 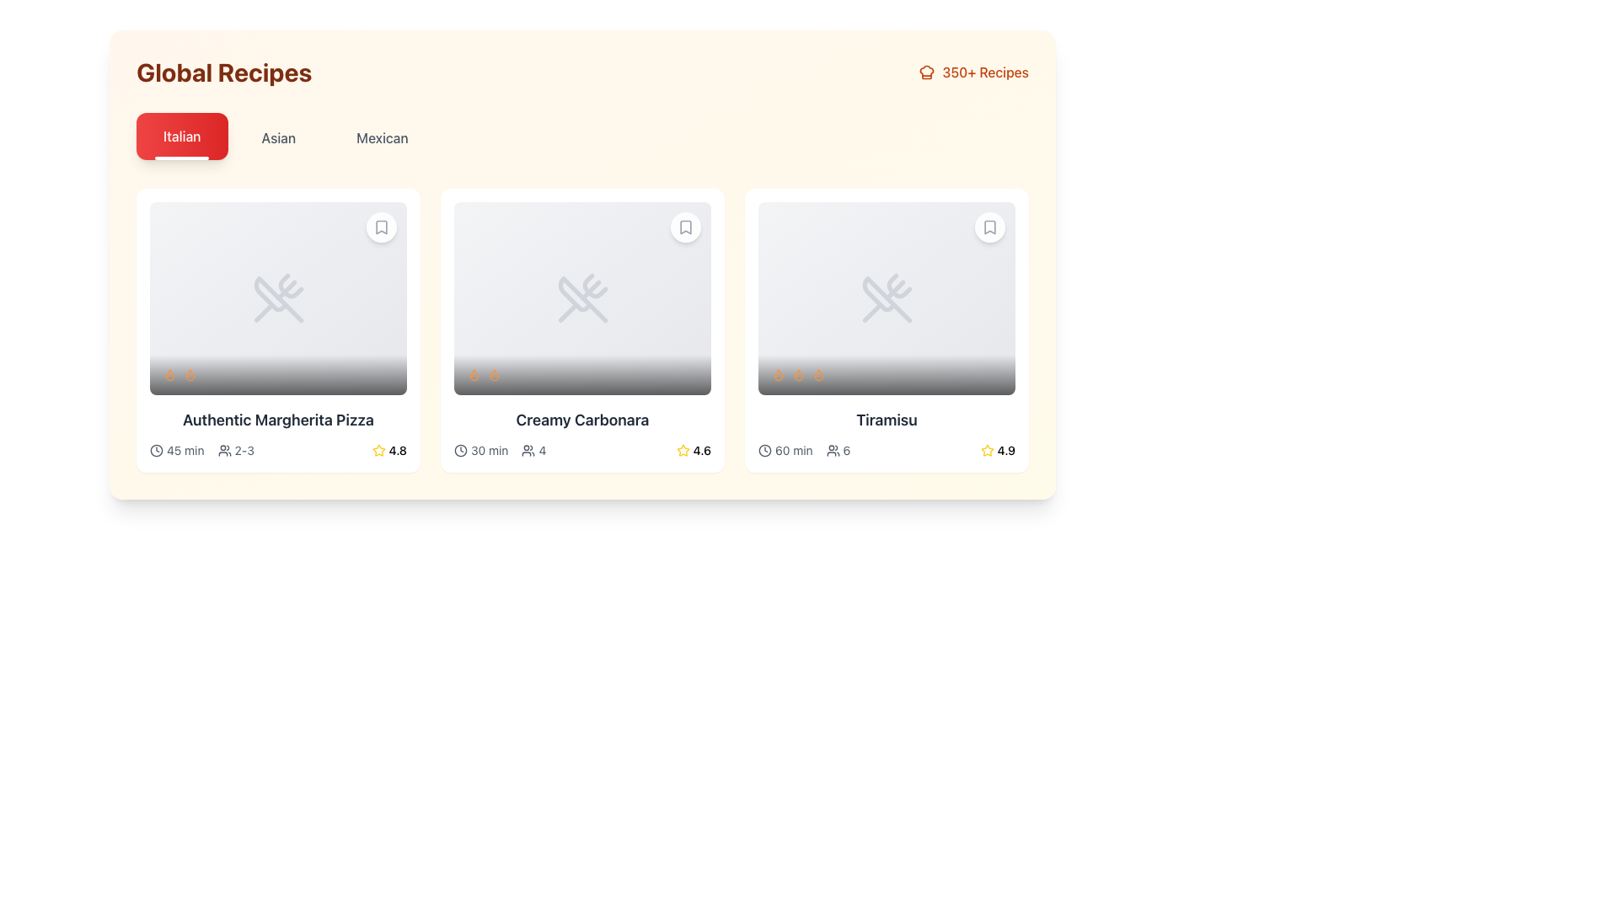 I want to click on the stylized chef's hat icon located in the top-right corner of the interface, which is part of a group of icons and closely aligned with related text, so click(x=926, y=71).